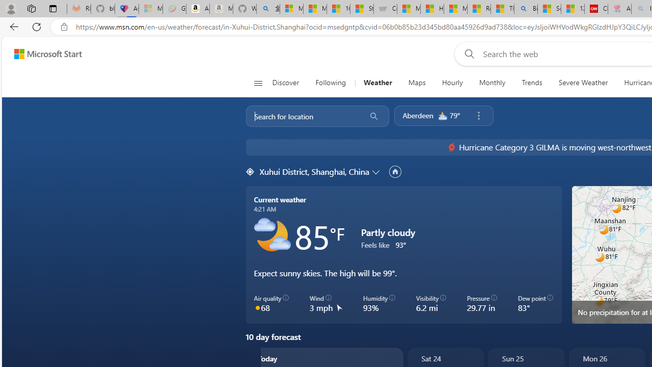  I want to click on 'Bing', so click(526, 9).